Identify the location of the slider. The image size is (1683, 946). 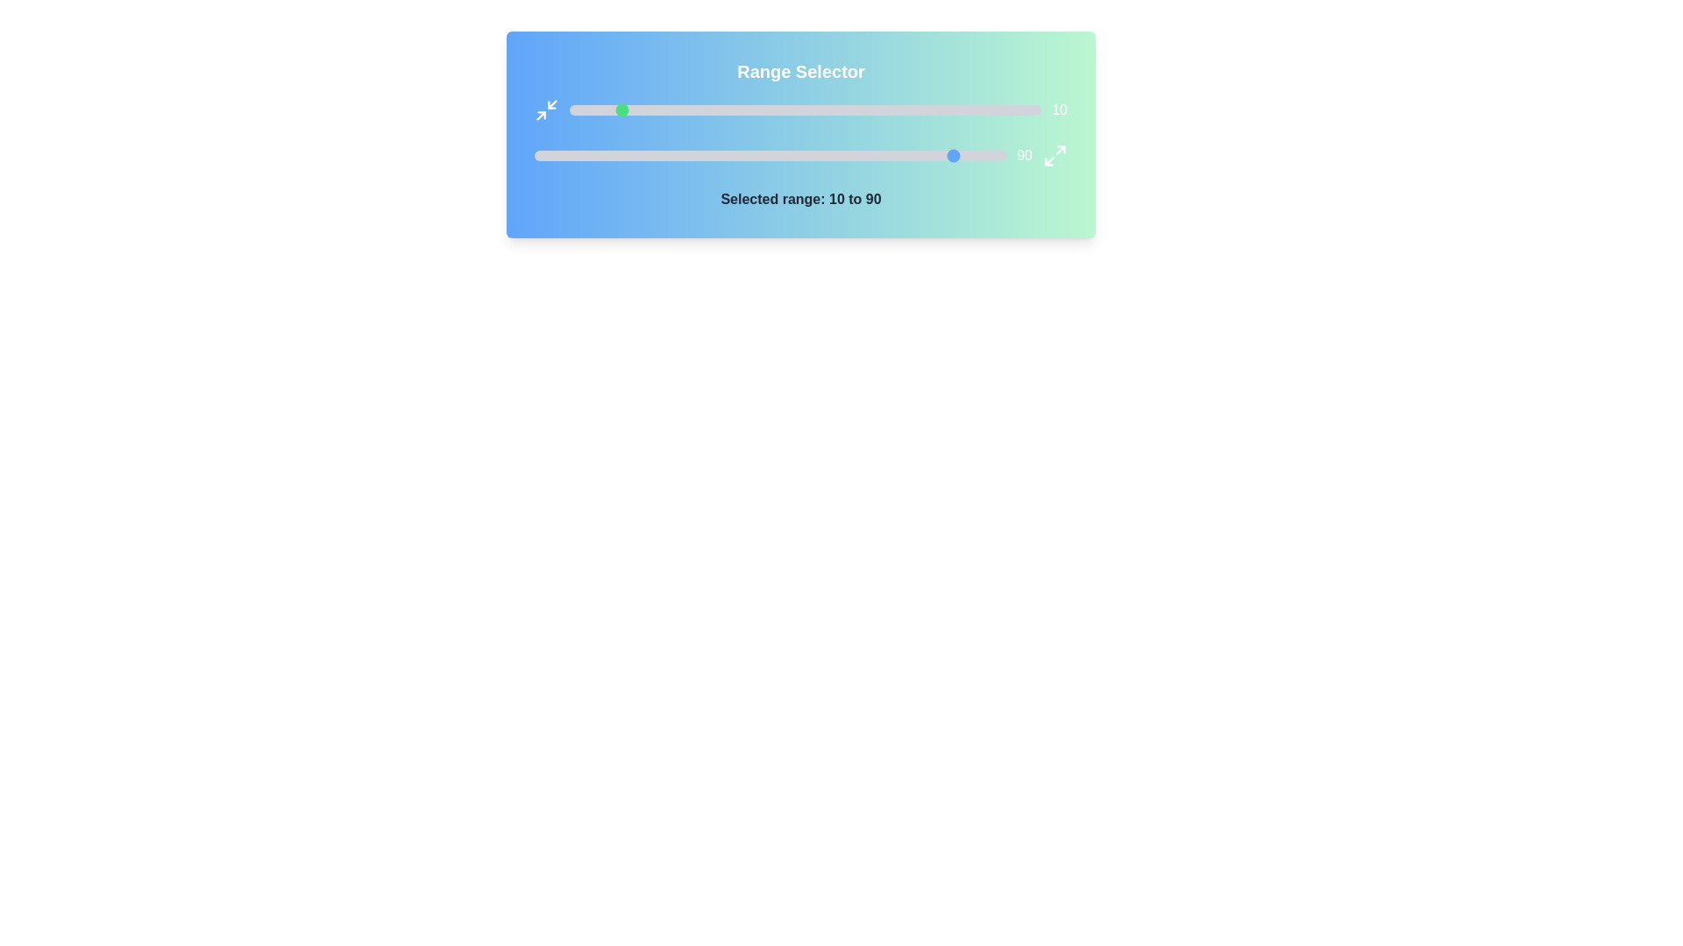
(965, 110).